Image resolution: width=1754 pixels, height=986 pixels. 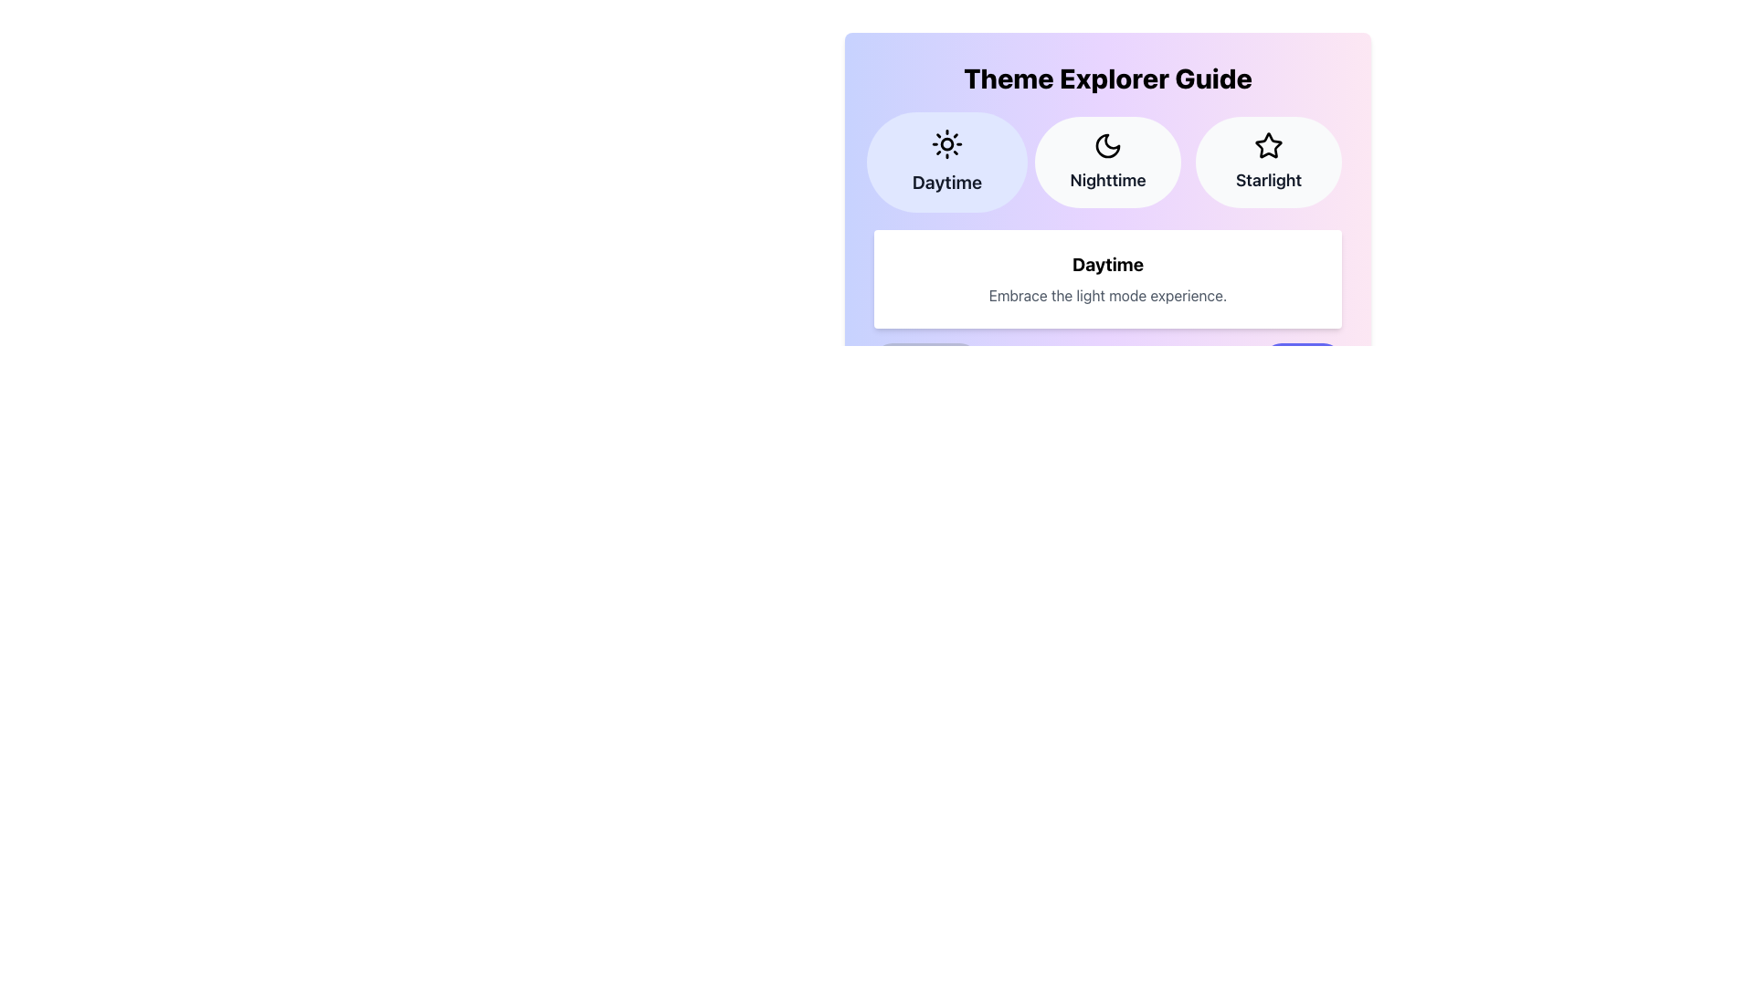 What do you see at coordinates (1107, 144) in the screenshot?
I see `the 'Nighttime' theme icon in the 'Theme Explorer Guide' interface, which is centrally located between the 'Daytime' and 'Starlight' cards` at bounding box center [1107, 144].